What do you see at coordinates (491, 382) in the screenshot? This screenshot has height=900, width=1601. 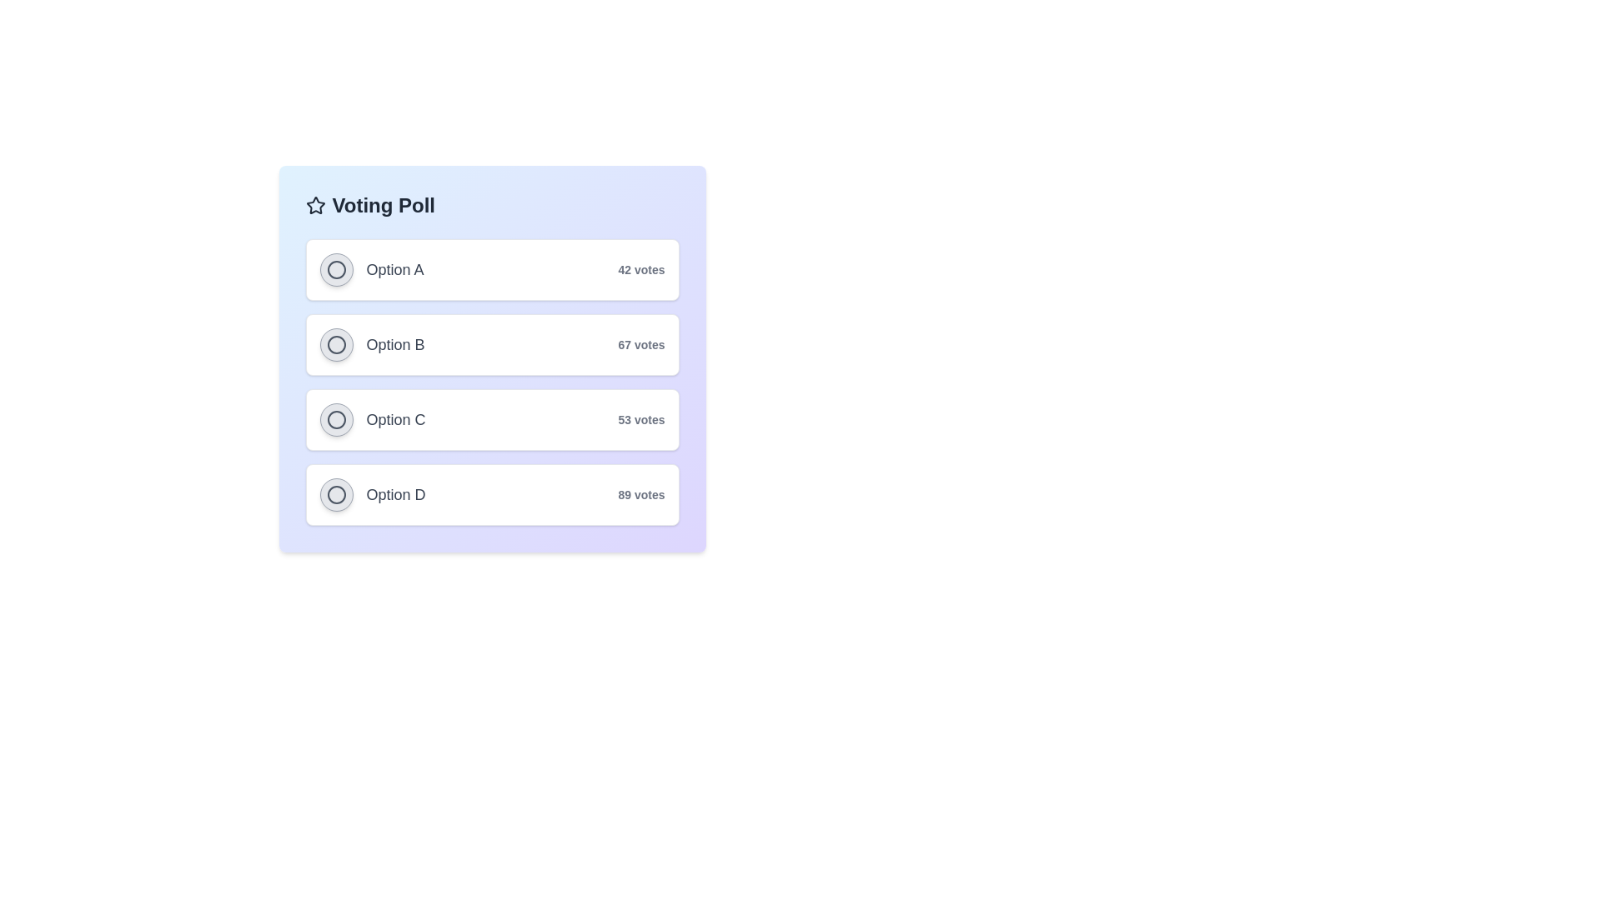 I see `one of the options in the vertical group of selectable poll choices` at bounding box center [491, 382].